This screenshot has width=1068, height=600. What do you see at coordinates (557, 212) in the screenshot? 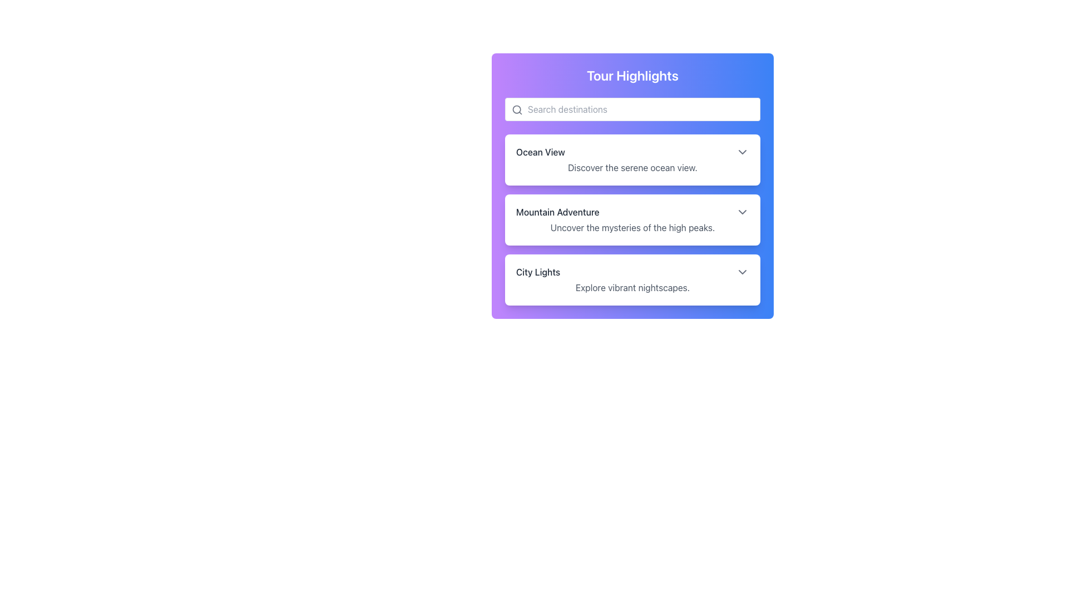
I see `label titled 'Mountain Adventure' which is positioned above the text 'Uncover the mysteries of the high peaks'` at bounding box center [557, 212].